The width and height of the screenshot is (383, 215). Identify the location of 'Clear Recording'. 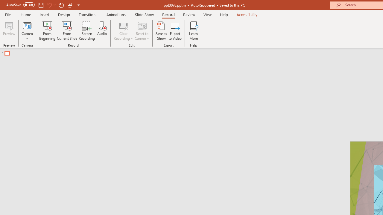
(123, 31).